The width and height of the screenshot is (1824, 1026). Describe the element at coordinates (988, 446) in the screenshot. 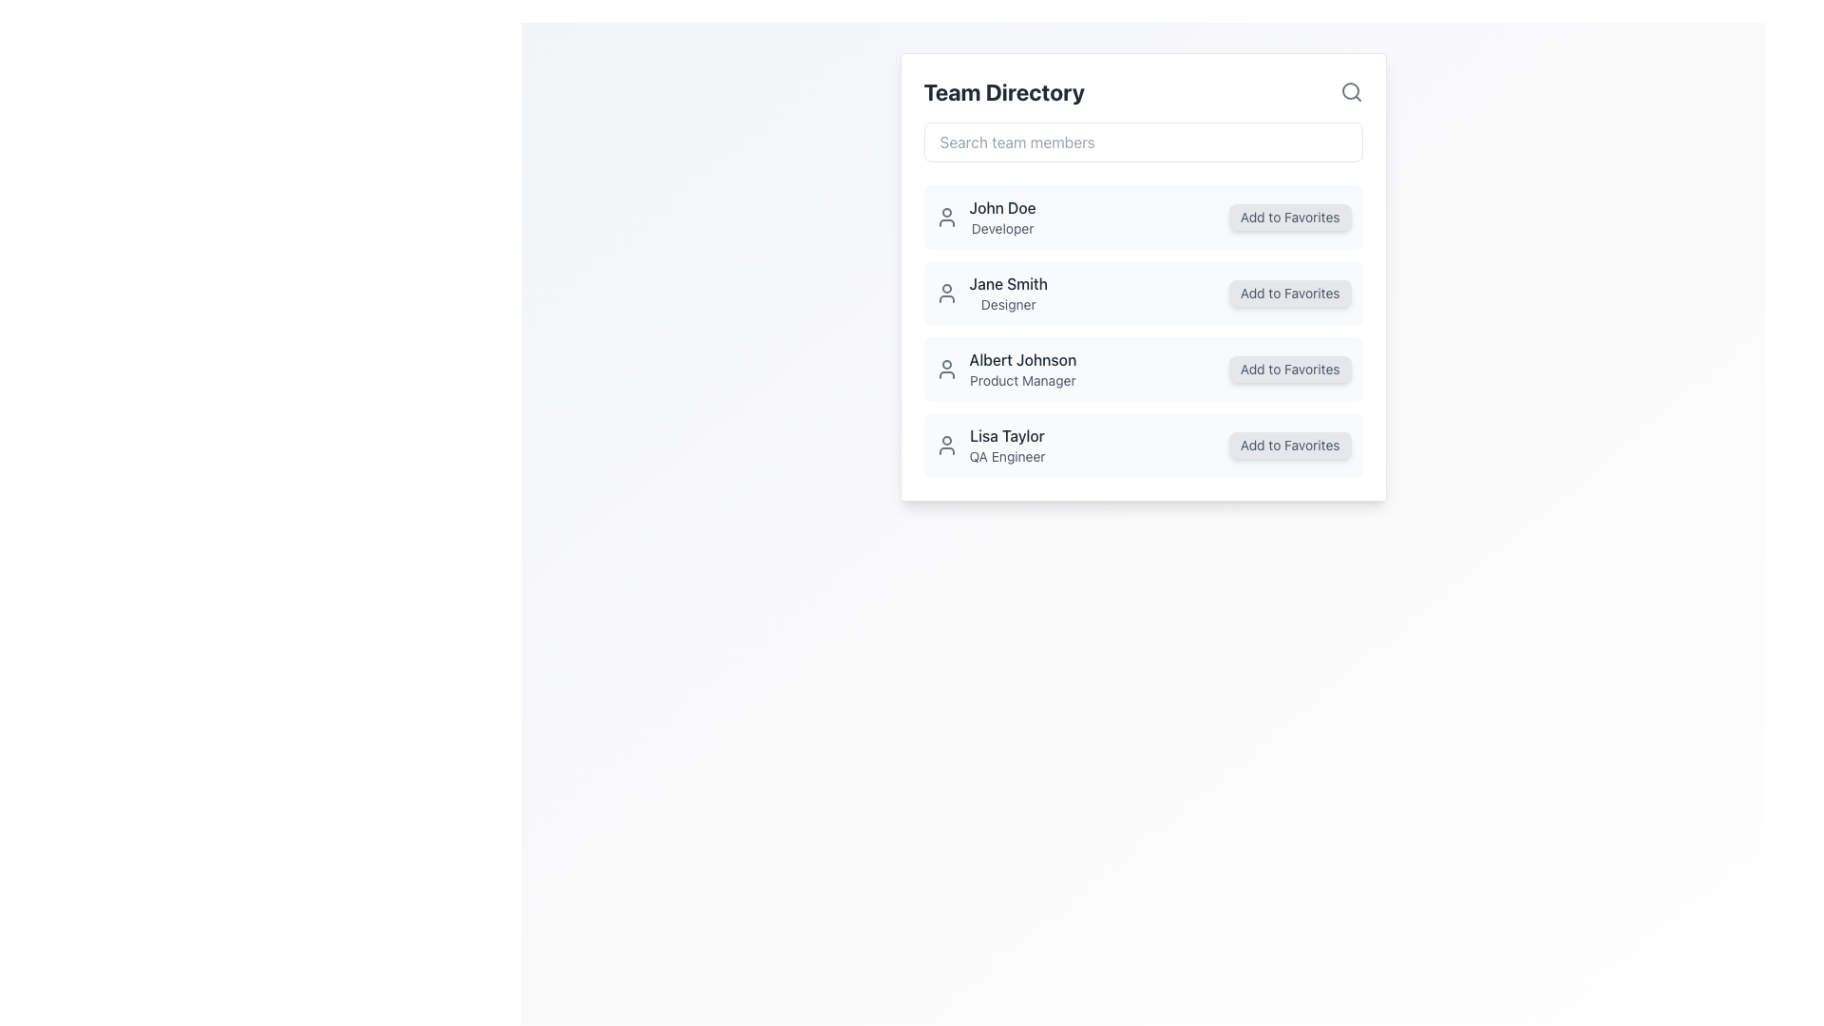

I see `the User profile display component located` at that location.